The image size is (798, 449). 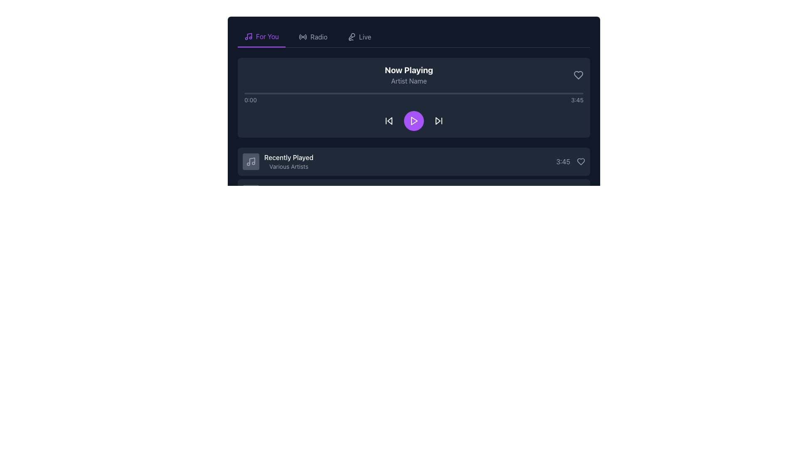 What do you see at coordinates (414, 121) in the screenshot?
I see `the Media control bar located in the 'Now Playing' section` at bounding box center [414, 121].